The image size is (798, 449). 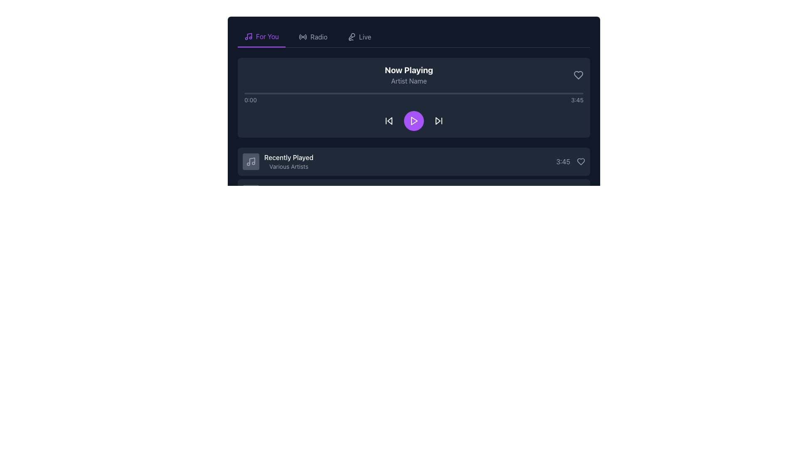 What do you see at coordinates (414, 121) in the screenshot?
I see `the Media control bar located in the 'Now Playing' section` at bounding box center [414, 121].